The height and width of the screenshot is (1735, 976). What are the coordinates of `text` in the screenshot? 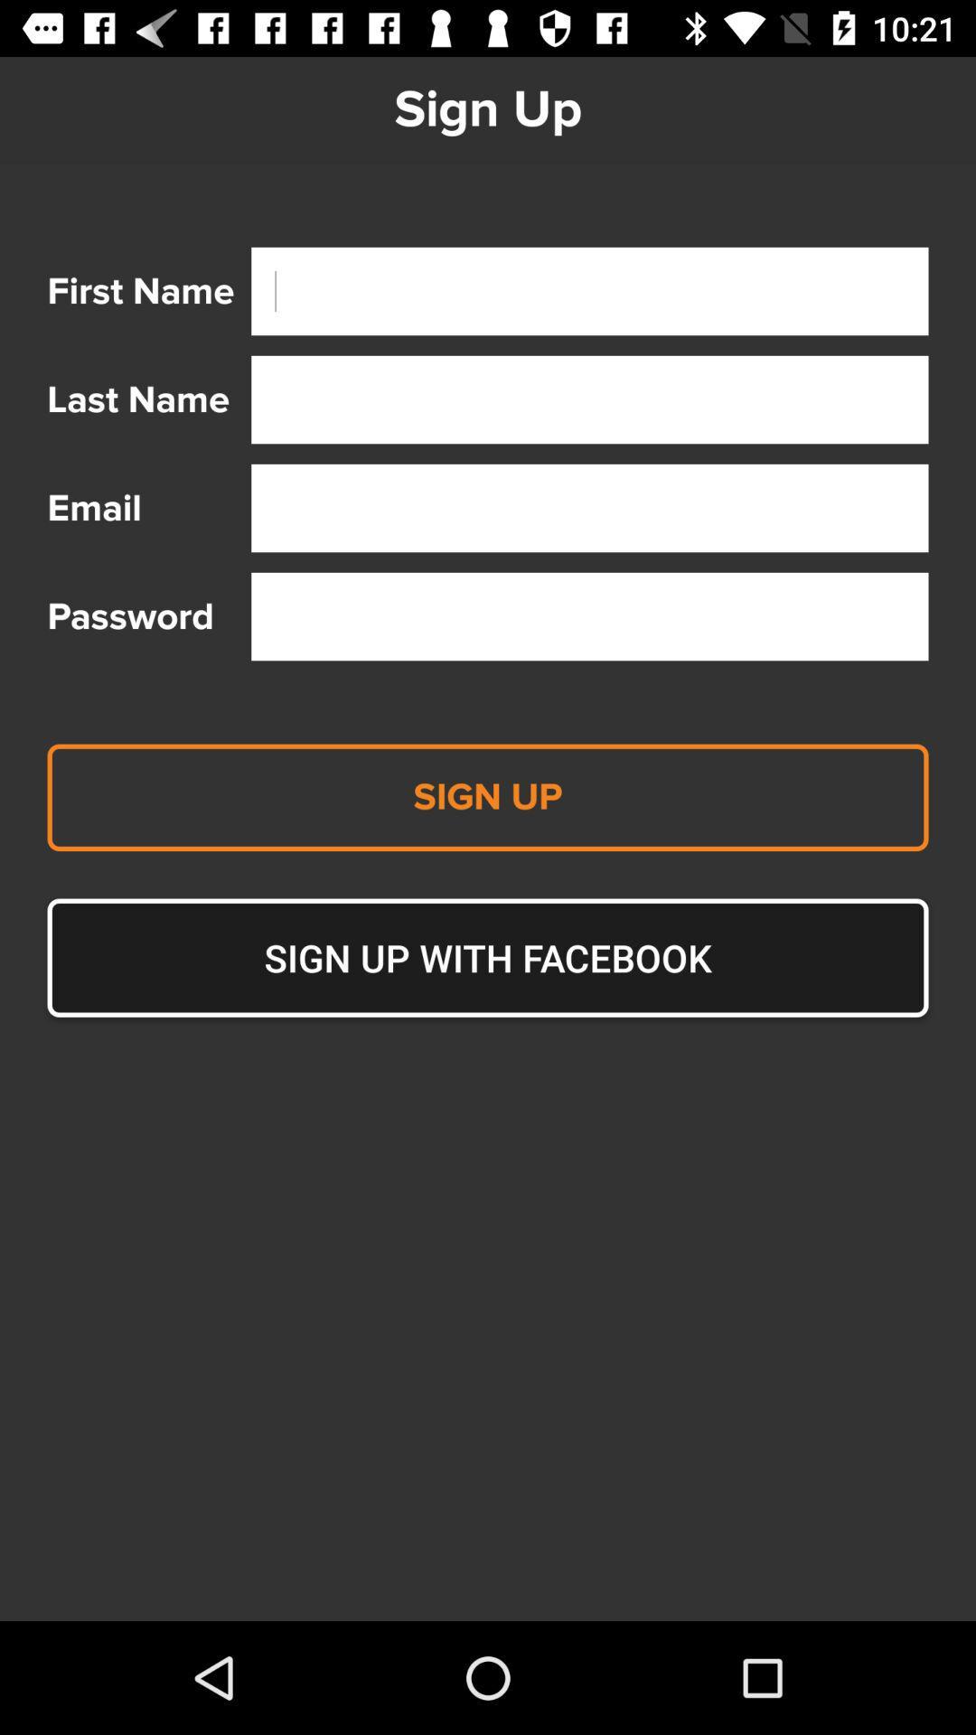 It's located at (589, 399).